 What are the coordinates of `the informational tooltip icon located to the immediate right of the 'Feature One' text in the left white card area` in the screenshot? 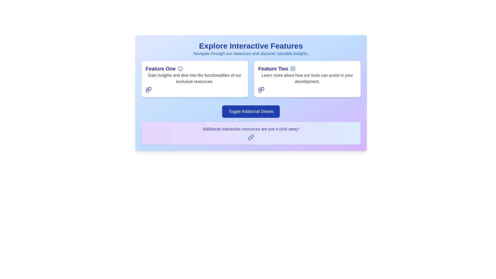 It's located at (180, 68).